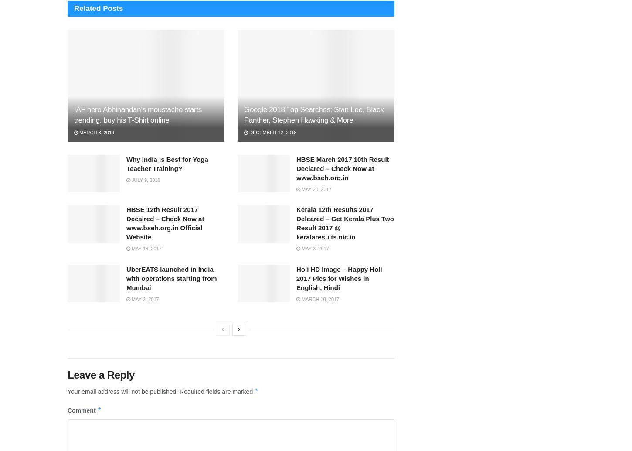  I want to click on 'HBSE 12th Result 2017 Decalred – Check Now at www.bseh.org.in Official Website', so click(165, 223).